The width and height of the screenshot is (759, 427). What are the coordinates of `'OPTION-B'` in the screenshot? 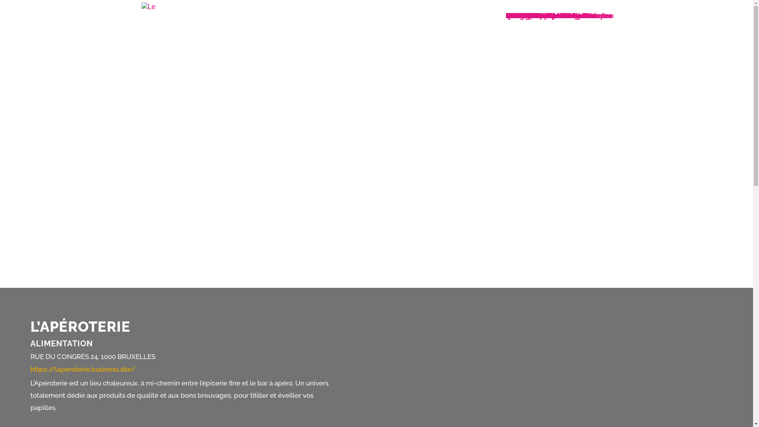 It's located at (523, 15).